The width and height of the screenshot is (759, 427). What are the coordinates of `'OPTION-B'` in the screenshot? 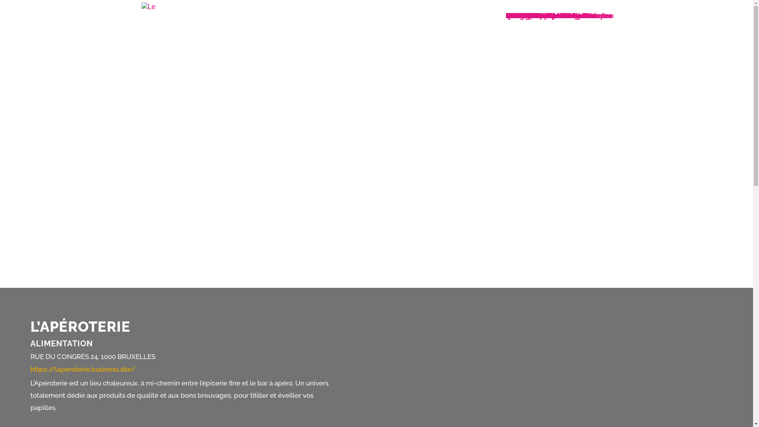 It's located at (523, 15).